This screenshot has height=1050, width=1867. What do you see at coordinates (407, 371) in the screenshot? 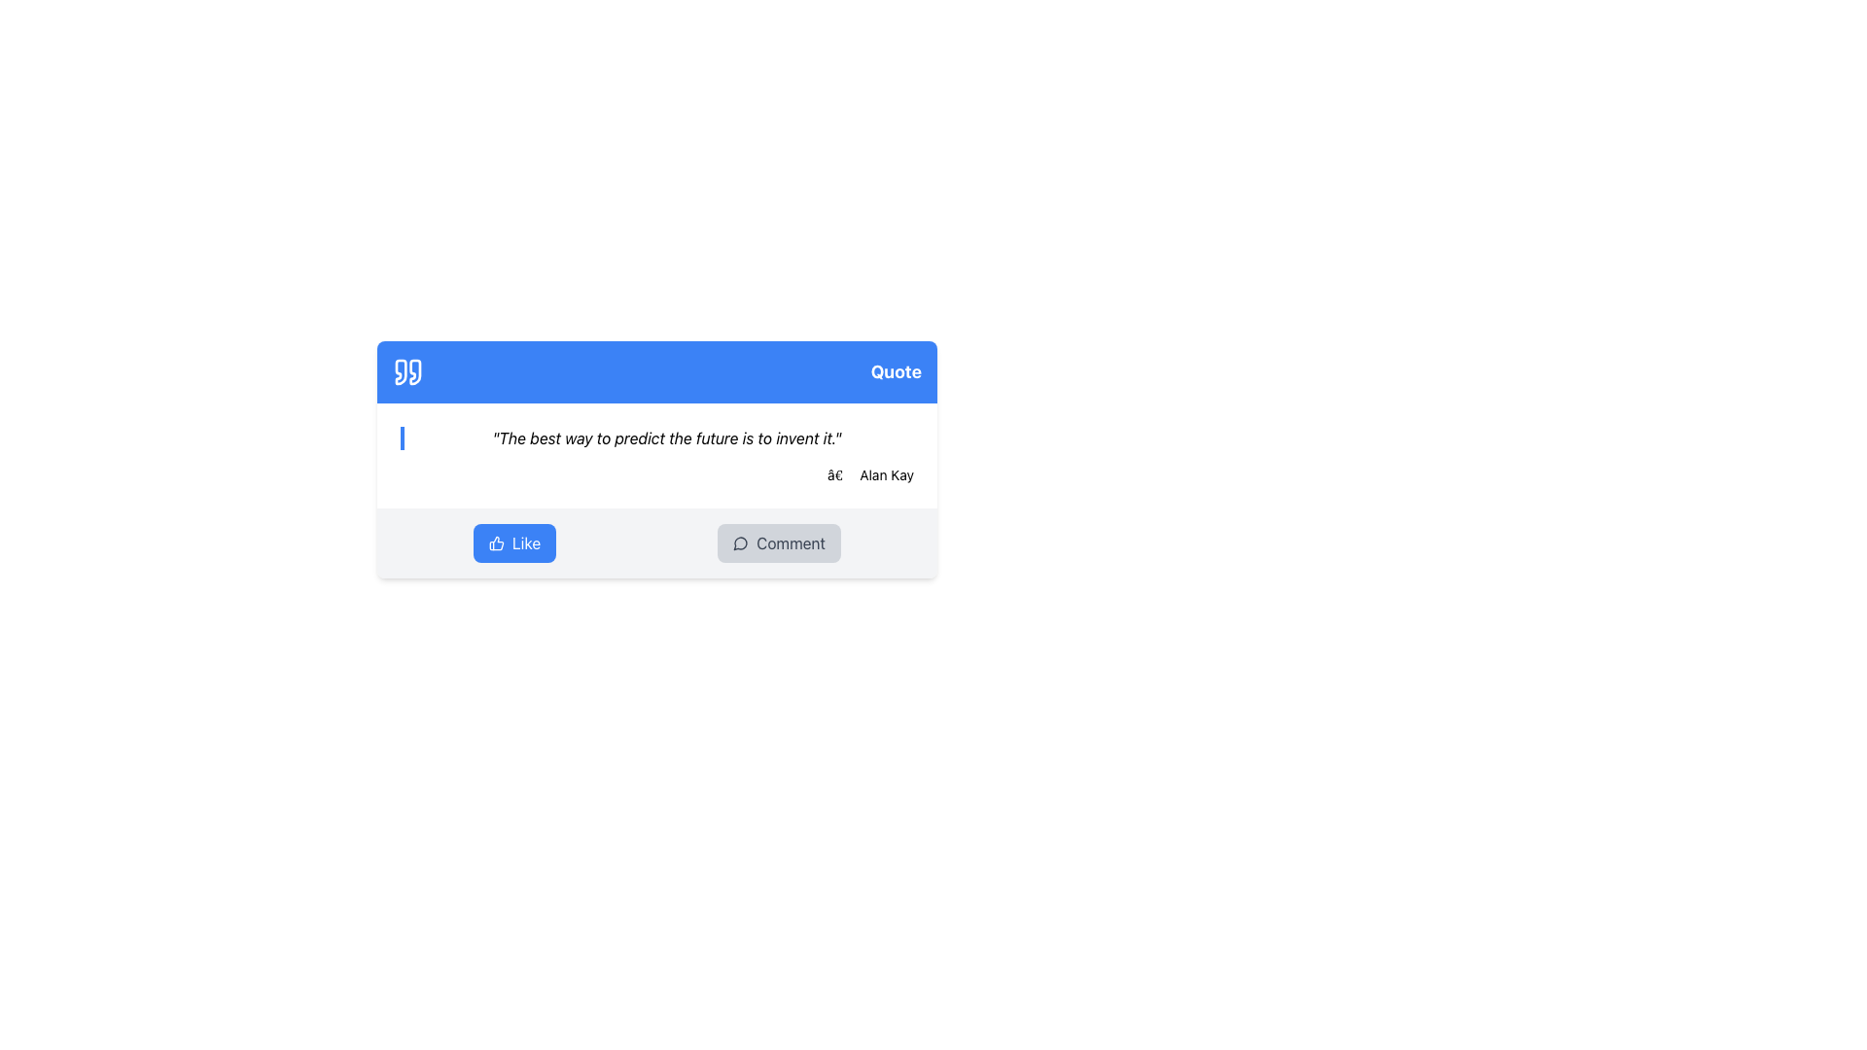
I see `the decorative quote icon located at the top left side of the blue header area, which is positioned directly to the left of the 'Quote' text` at bounding box center [407, 371].